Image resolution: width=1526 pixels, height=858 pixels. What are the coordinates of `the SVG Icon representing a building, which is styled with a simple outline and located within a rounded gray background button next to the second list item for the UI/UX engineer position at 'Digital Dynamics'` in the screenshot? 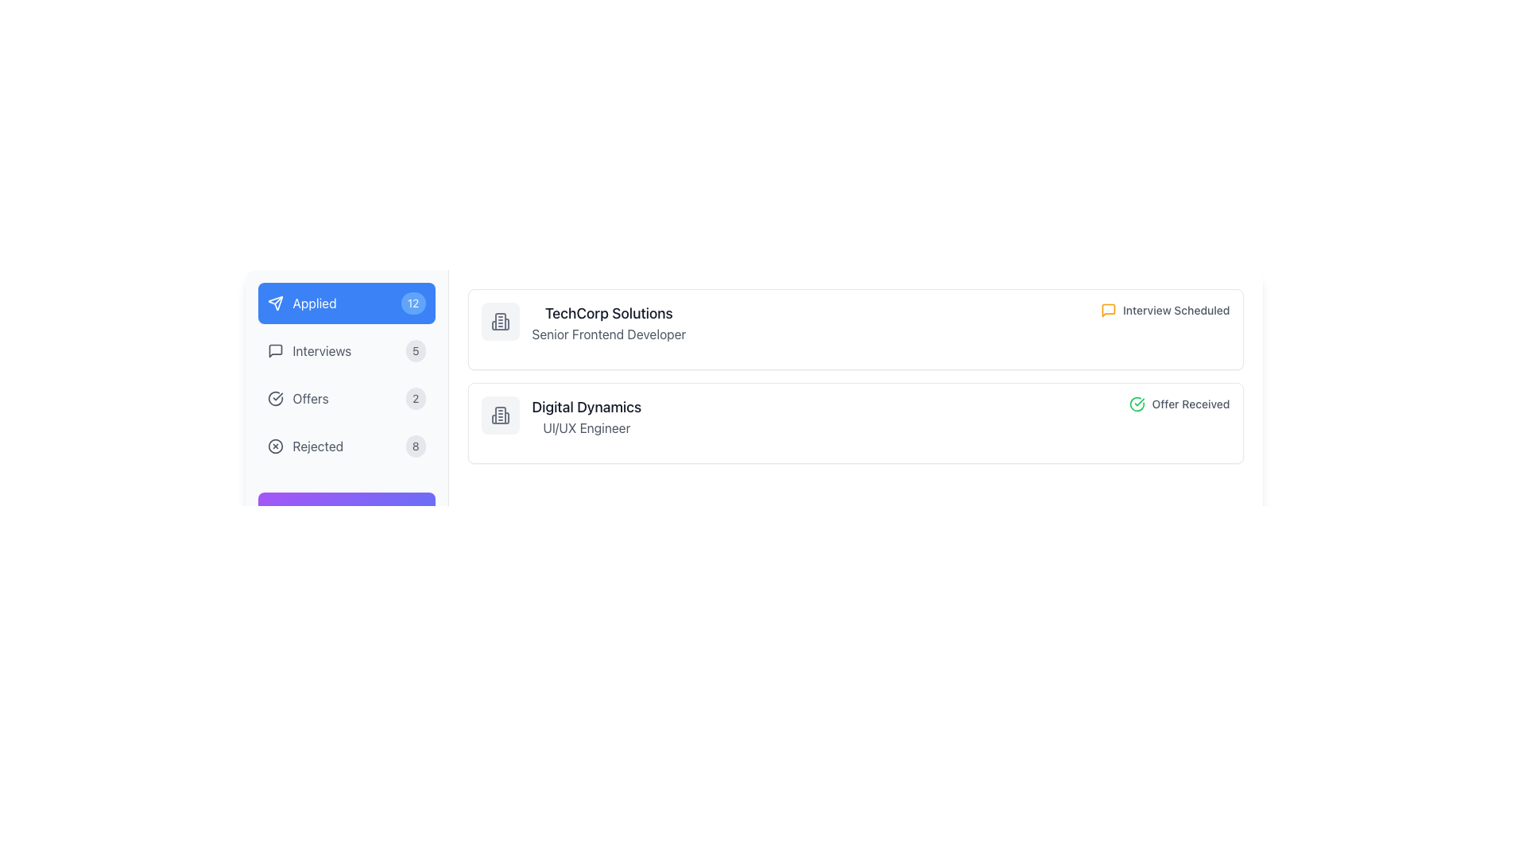 It's located at (499, 415).